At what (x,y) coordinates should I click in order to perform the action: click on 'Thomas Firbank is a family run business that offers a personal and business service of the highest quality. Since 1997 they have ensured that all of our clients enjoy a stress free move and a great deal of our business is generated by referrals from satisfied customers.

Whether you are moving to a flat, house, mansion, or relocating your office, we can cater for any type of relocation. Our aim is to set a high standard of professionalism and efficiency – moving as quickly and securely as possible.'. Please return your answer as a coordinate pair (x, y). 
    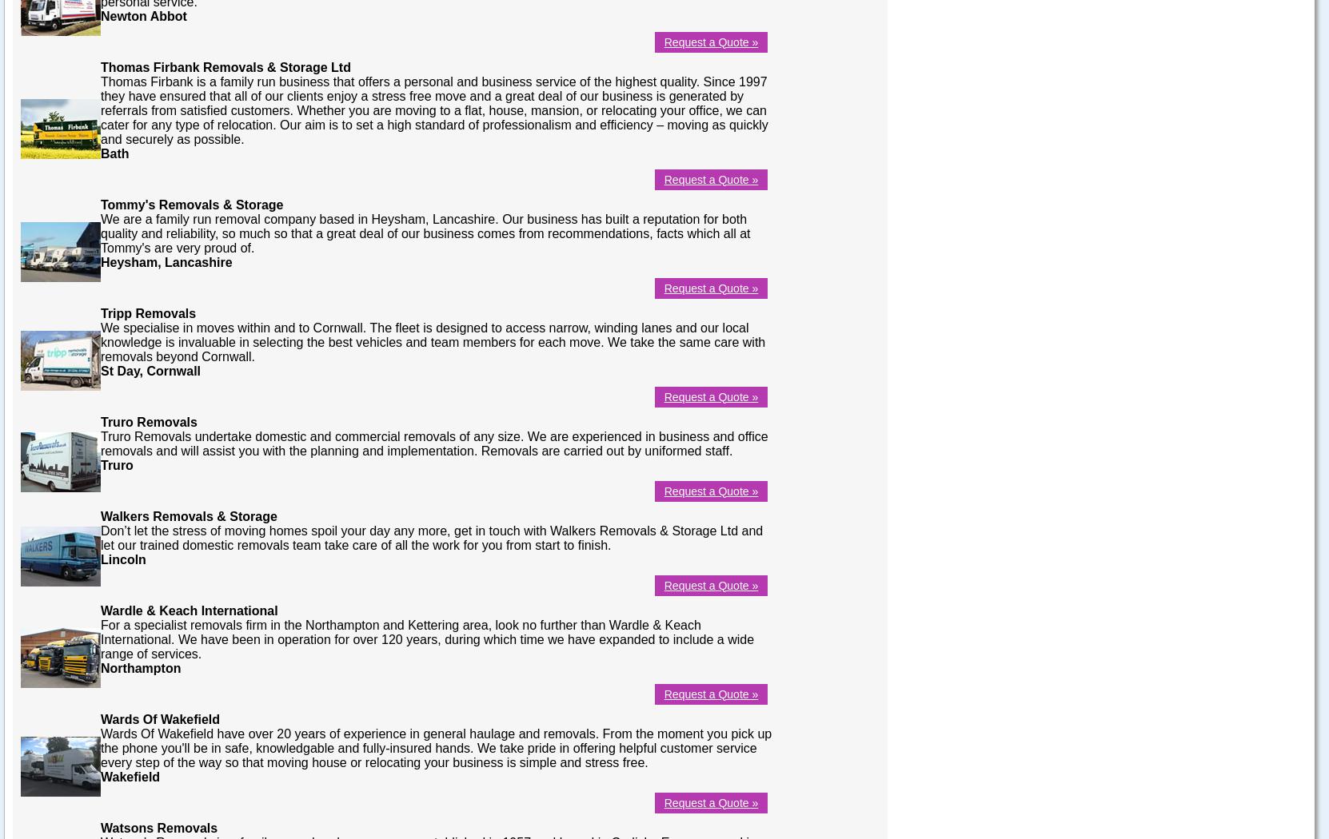
    Looking at the image, I should click on (433, 109).